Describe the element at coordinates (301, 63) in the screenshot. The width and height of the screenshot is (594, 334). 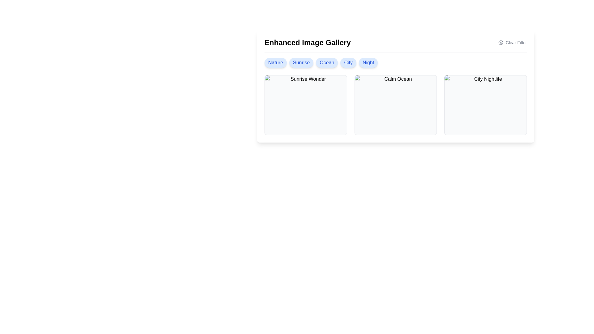
I see `the rounded light blue button labeled 'Sunrise'` at that location.